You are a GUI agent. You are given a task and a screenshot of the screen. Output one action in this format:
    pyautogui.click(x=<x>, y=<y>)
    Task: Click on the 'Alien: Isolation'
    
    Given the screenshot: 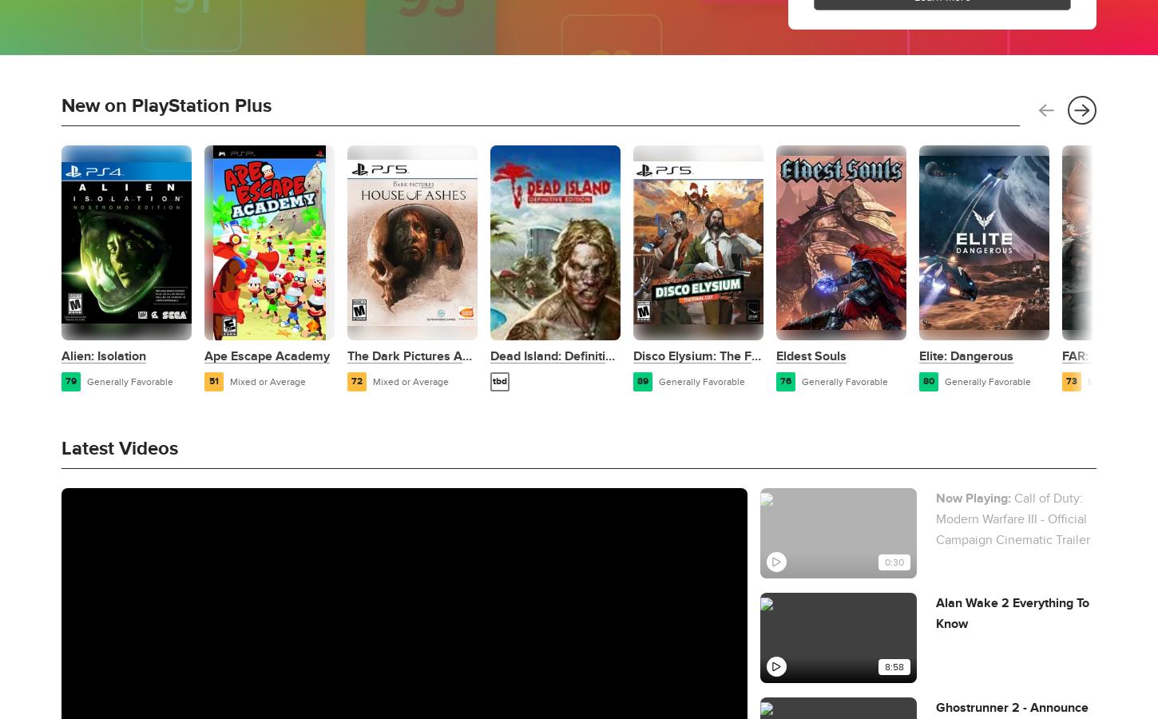 What is the action you would take?
    pyautogui.click(x=103, y=356)
    